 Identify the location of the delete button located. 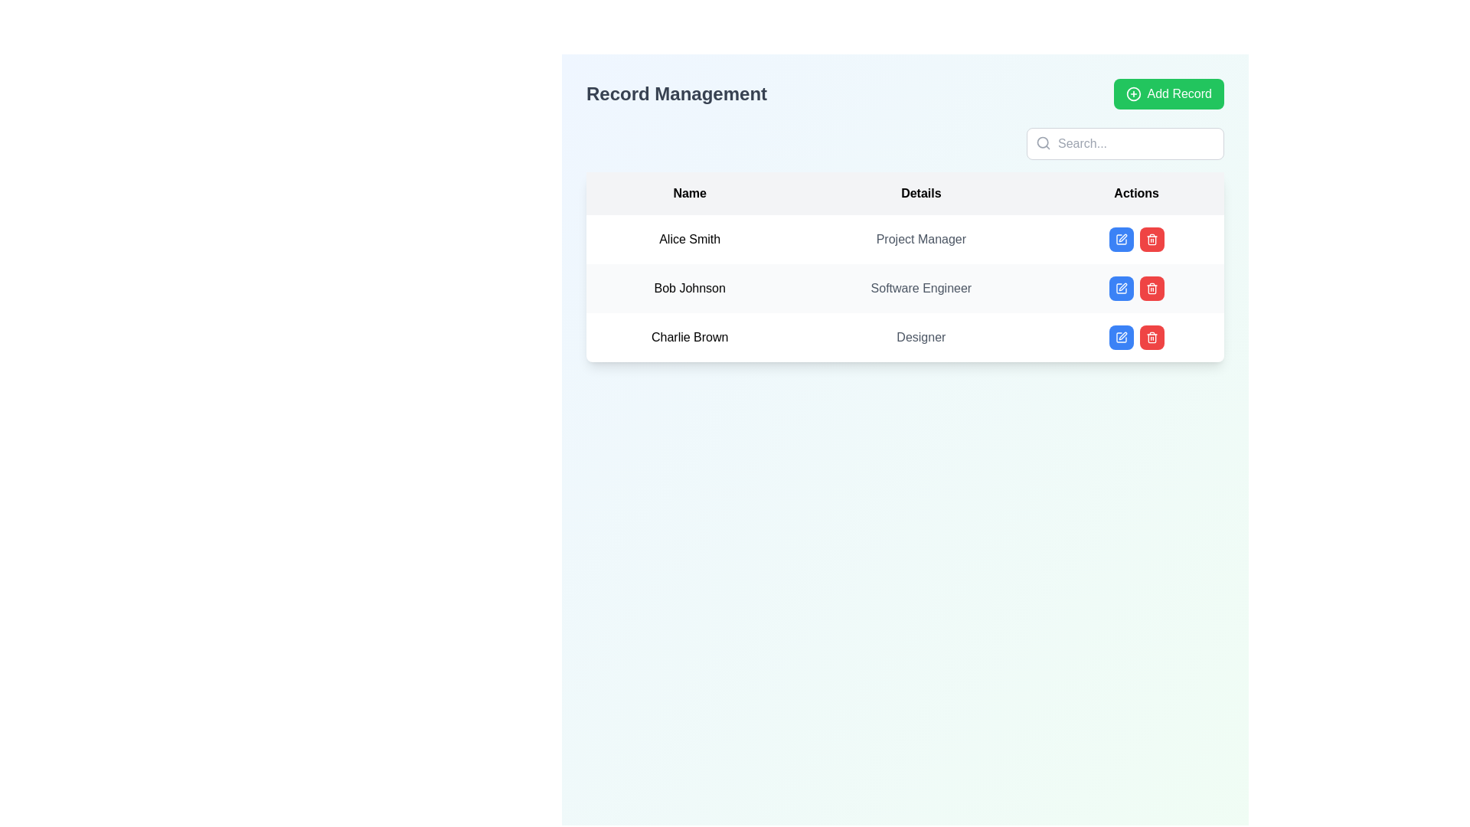
(1151, 289).